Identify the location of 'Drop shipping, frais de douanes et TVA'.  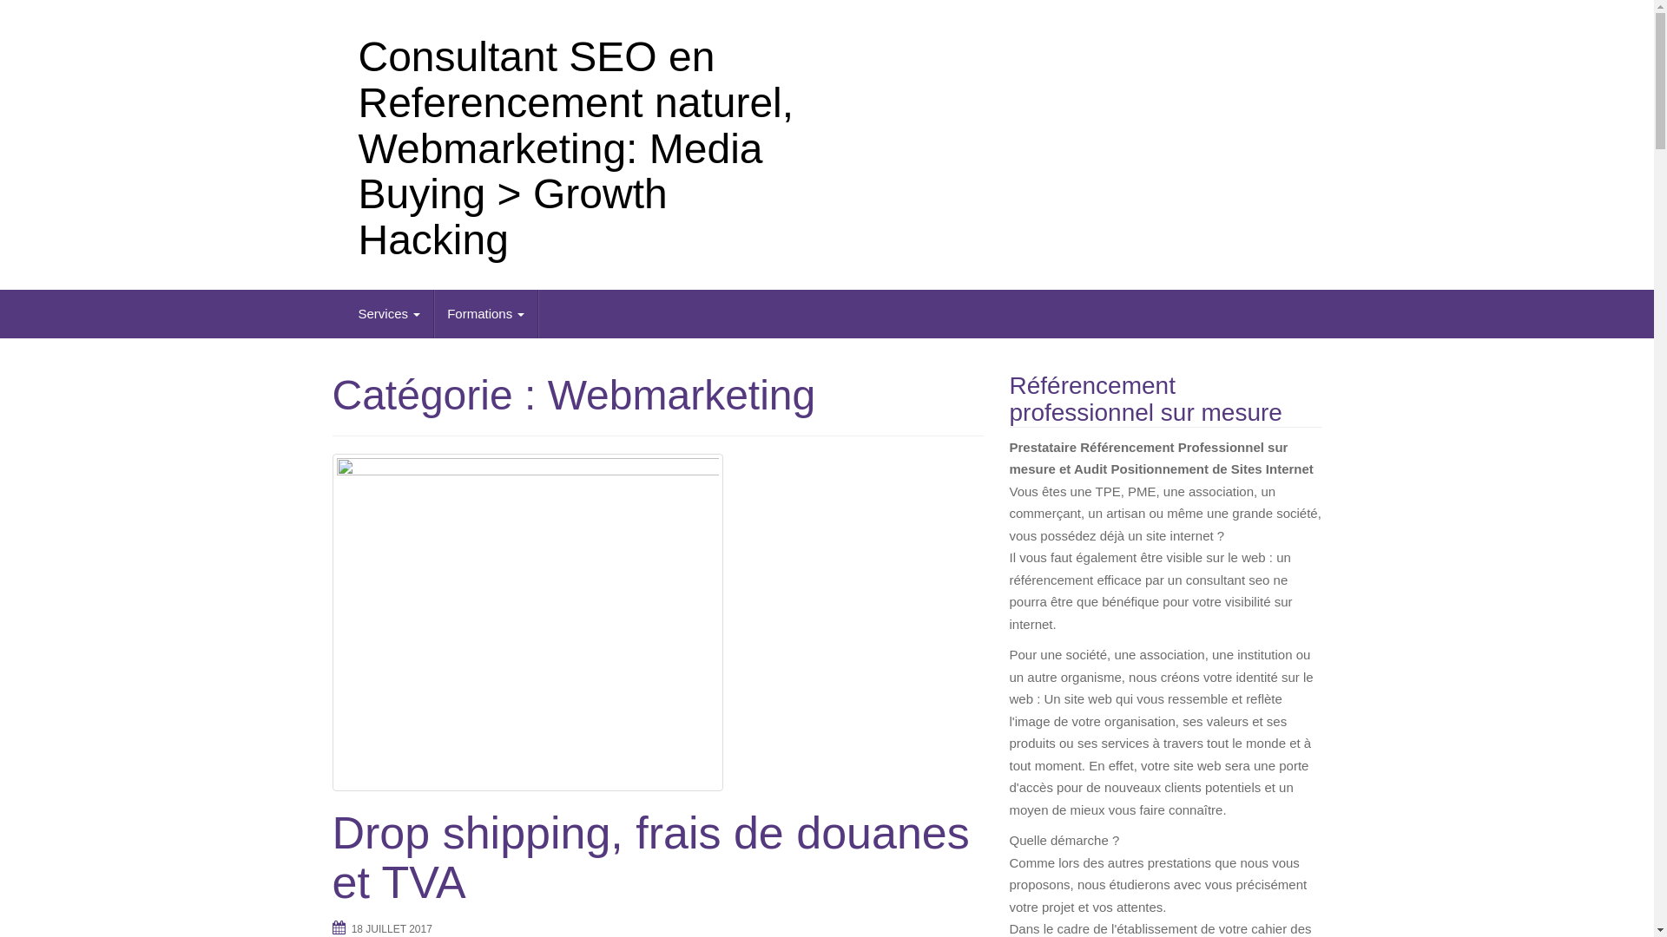
(332, 856).